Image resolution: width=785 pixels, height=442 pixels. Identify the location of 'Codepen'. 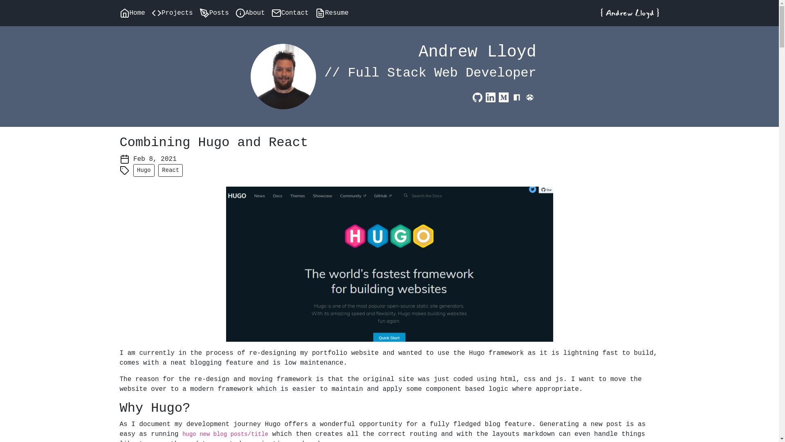
(523, 97).